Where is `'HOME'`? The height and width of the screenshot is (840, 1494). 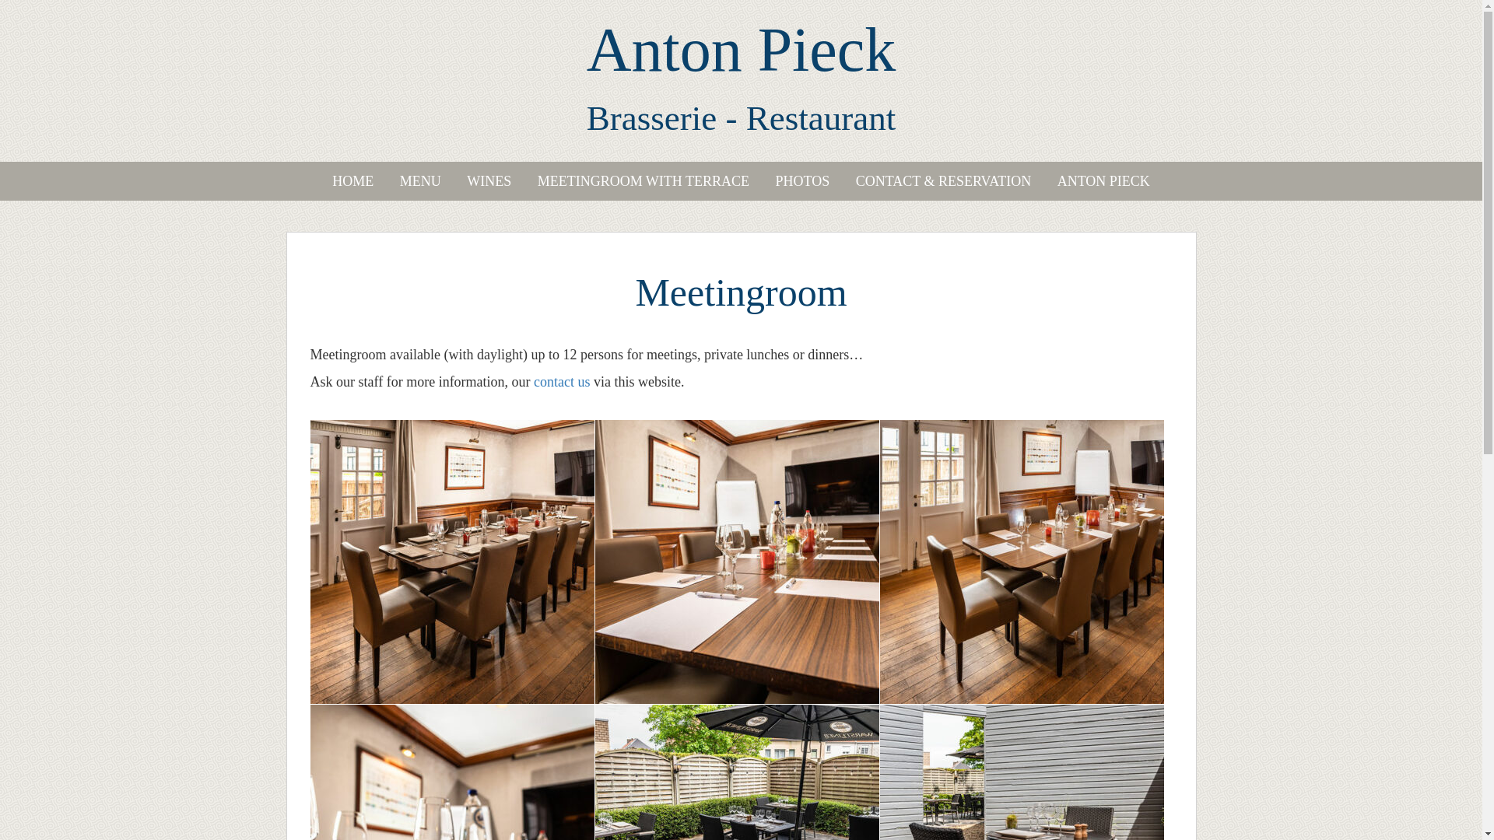
'HOME' is located at coordinates (352, 180).